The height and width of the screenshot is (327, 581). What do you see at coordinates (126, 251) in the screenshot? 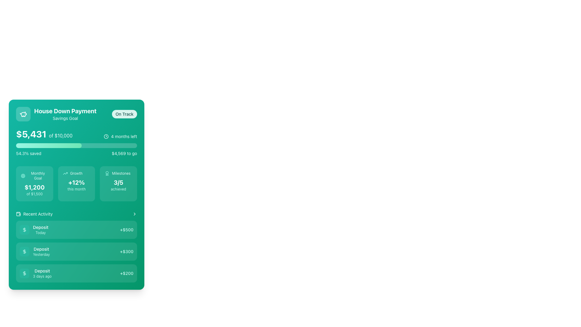
I see `the Text Label indicating a monetary deposit of $300 in the 'Recent Activity' section, positioned to the right of the 'Deposit Yesterday' label` at bounding box center [126, 251].